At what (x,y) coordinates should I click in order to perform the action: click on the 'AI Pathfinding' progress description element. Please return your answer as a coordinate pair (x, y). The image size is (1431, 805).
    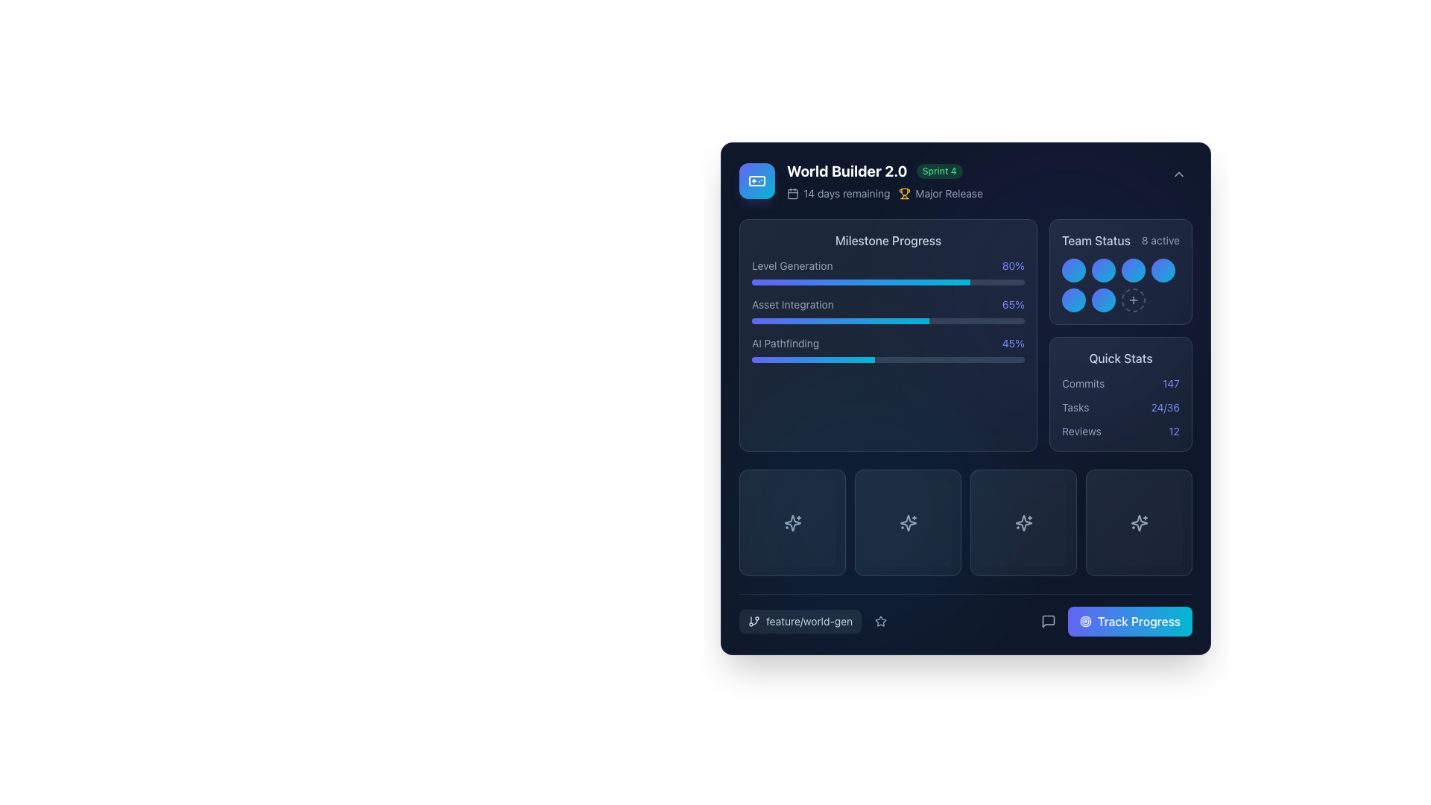
    Looking at the image, I should click on (888, 344).